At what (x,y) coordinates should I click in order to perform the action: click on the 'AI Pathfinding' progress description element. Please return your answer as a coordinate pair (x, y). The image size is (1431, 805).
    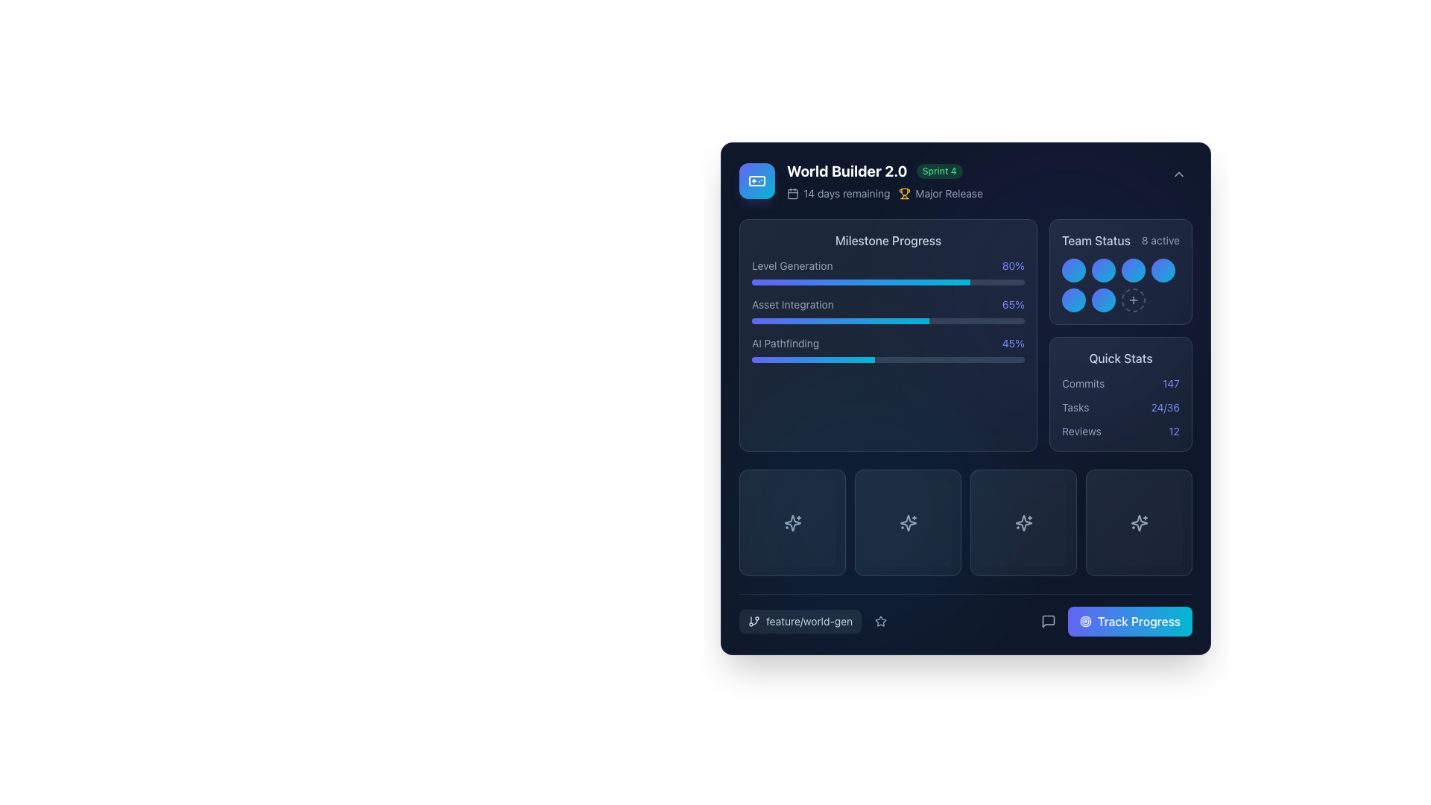
    Looking at the image, I should click on (888, 344).